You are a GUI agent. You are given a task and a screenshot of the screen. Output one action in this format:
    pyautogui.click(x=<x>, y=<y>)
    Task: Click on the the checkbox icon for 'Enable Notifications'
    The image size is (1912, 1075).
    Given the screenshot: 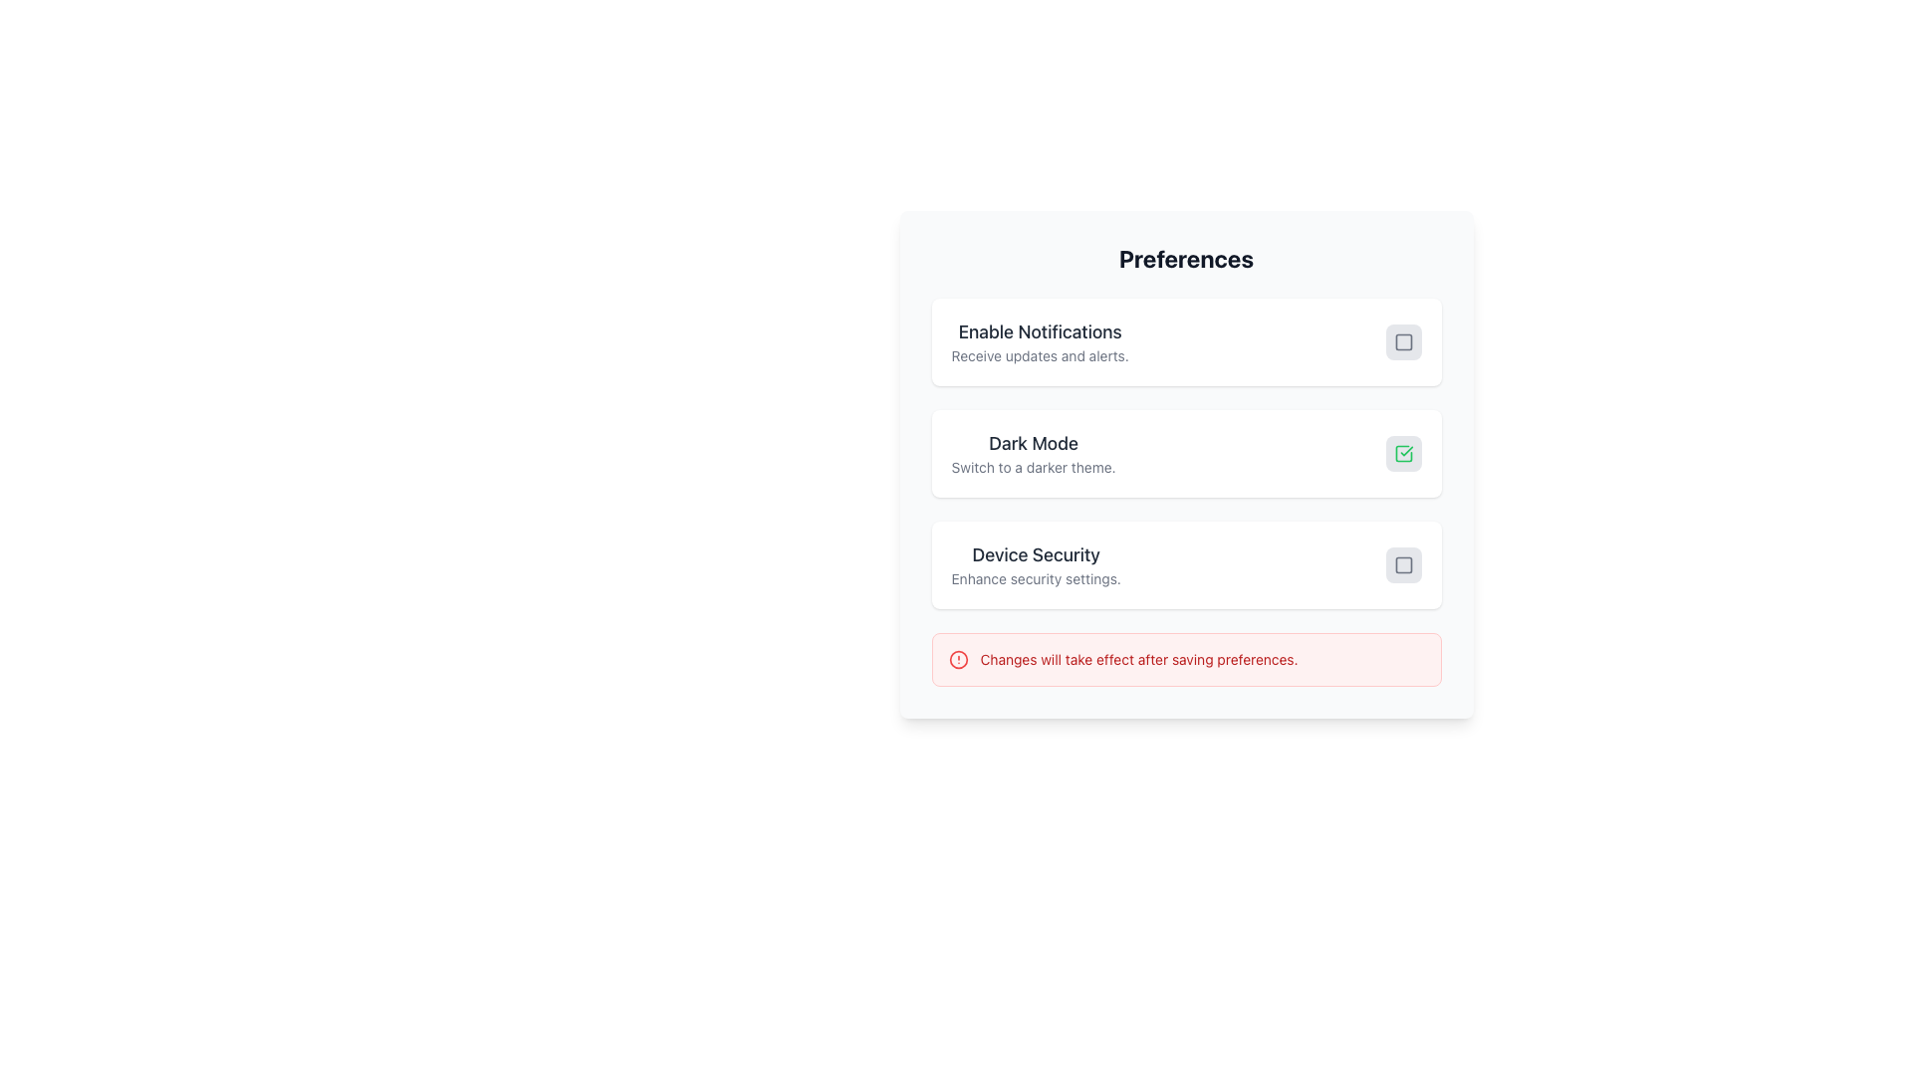 What is the action you would take?
    pyautogui.click(x=1402, y=340)
    